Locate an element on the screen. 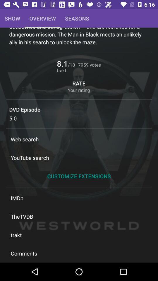 This screenshot has height=281, width=158. the comments is located at coordinates (79, 253).